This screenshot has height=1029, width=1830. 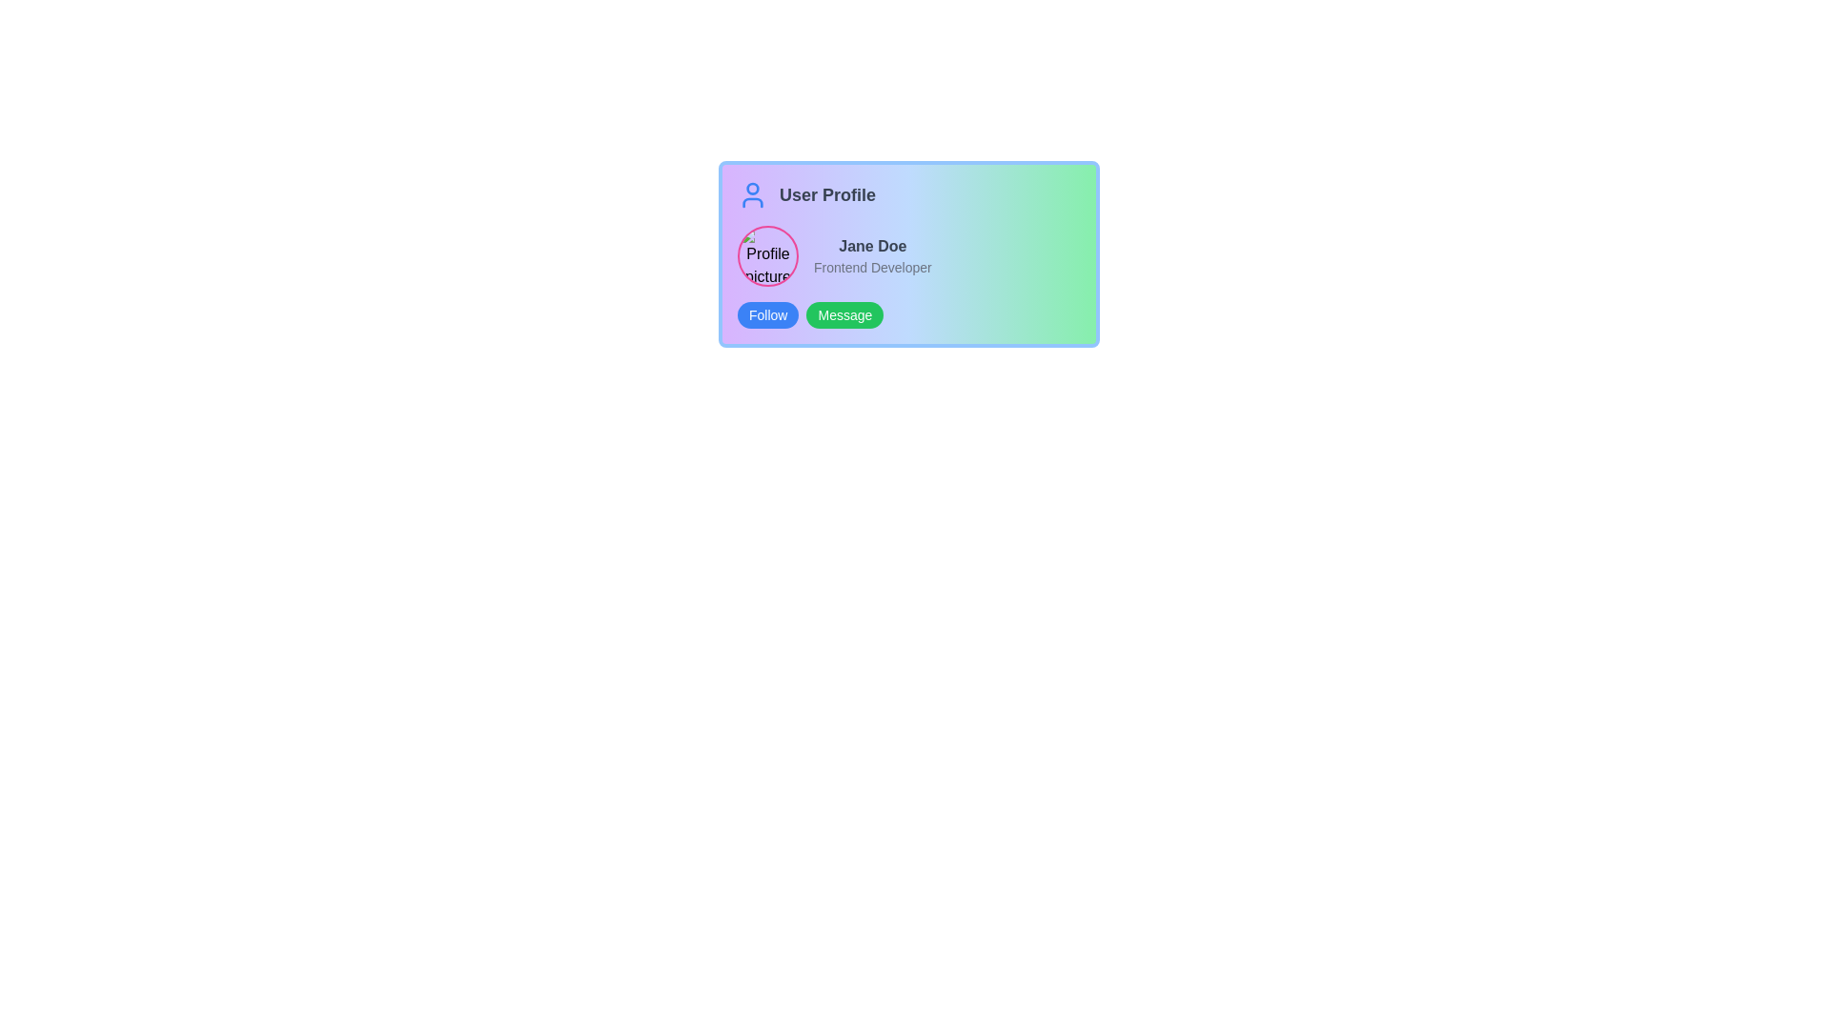 I want to click on the Text Display element that serves as the display name for the user within the profile card, positioned above the 'Frontend Developer' text, so click(x=871, y=245).